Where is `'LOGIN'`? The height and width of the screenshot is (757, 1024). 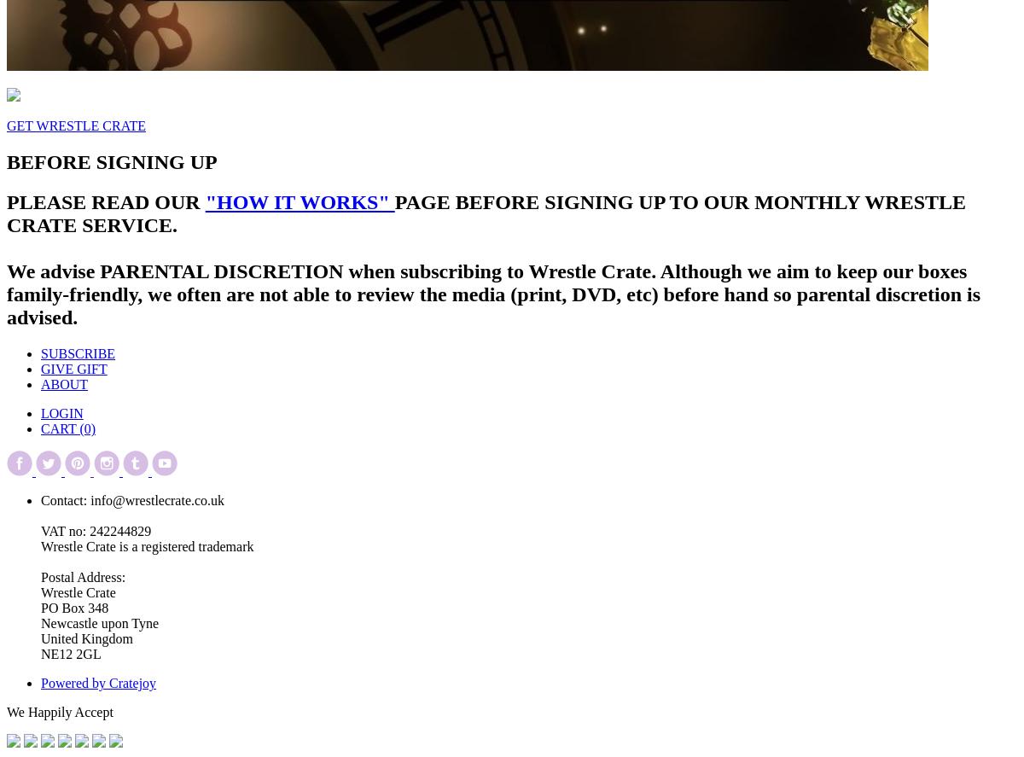
'LOGIN' is located at coordinates (61, 412).